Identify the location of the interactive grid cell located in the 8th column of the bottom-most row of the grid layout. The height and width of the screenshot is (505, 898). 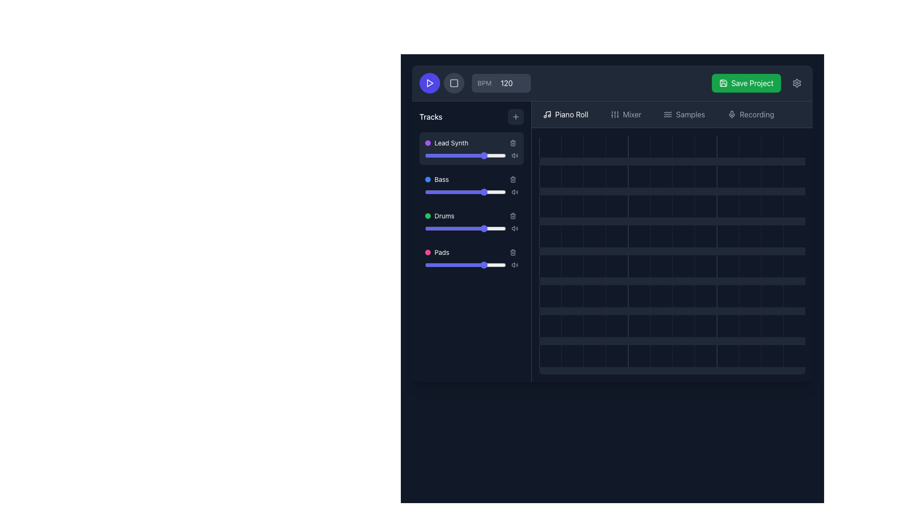
(705, 325).